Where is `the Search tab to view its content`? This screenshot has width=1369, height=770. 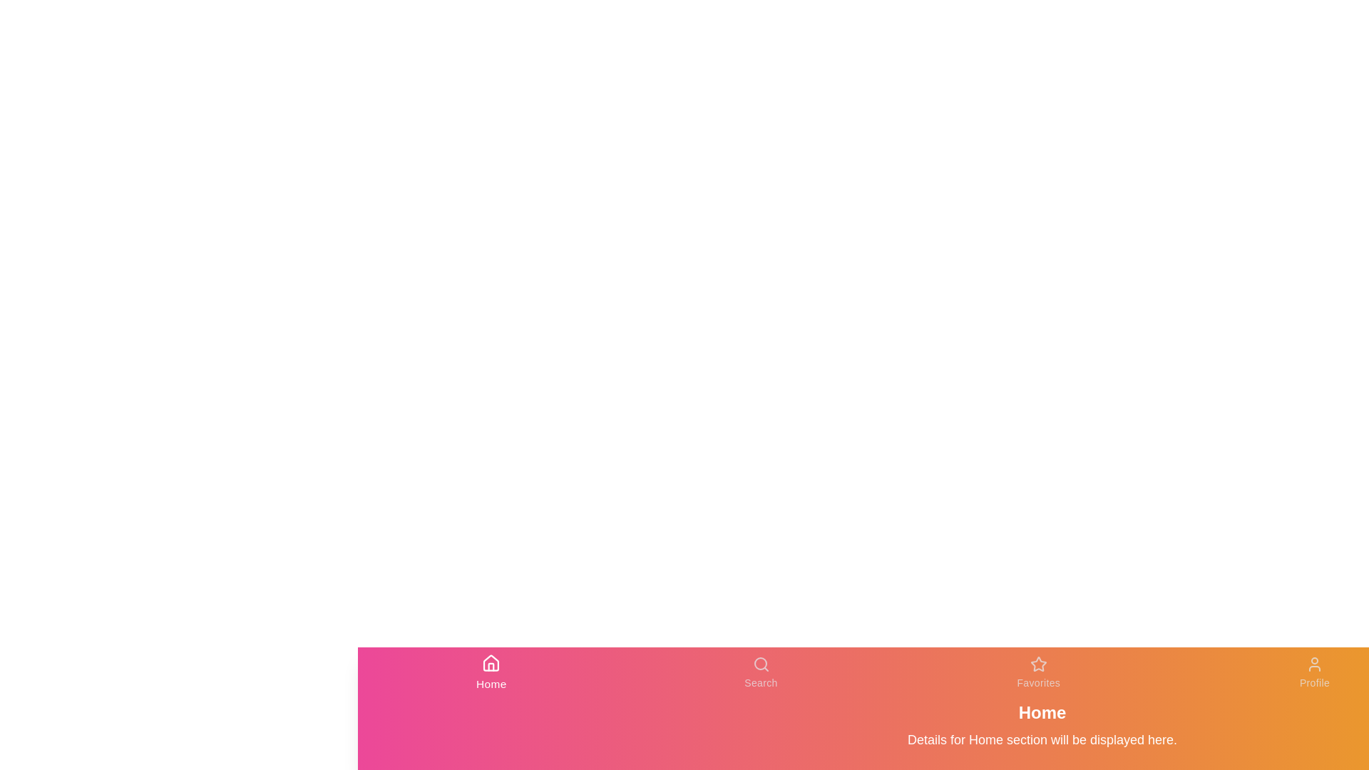
the Search tab to view its content is located at coordinates (759, 673).